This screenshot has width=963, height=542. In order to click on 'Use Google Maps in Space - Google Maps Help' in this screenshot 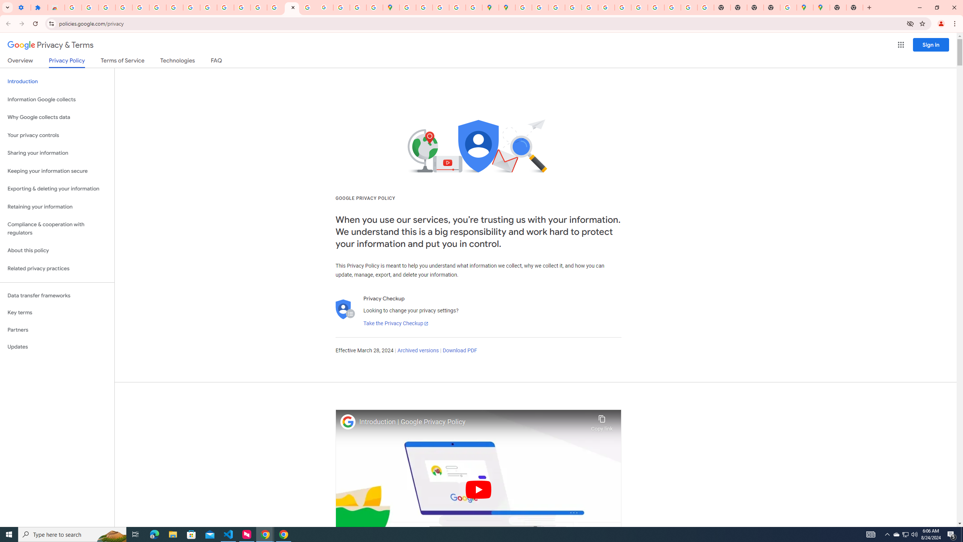, I will do `click(788, 7)`.